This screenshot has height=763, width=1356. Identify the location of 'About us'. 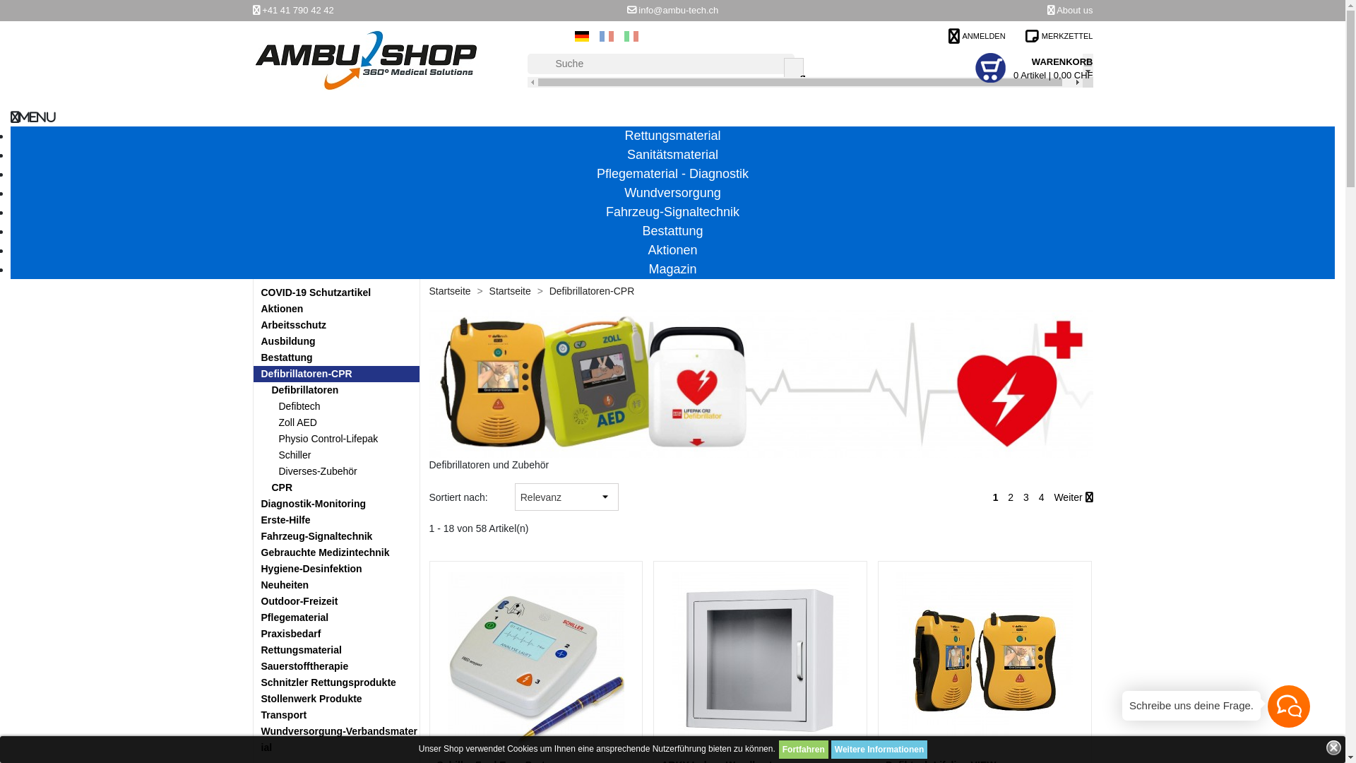
(1057, 10).